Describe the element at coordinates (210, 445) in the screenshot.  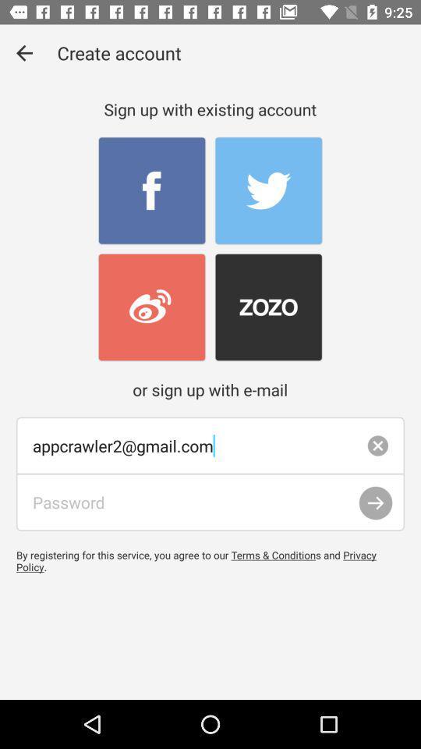
I see `the item below or sign up` at that location.